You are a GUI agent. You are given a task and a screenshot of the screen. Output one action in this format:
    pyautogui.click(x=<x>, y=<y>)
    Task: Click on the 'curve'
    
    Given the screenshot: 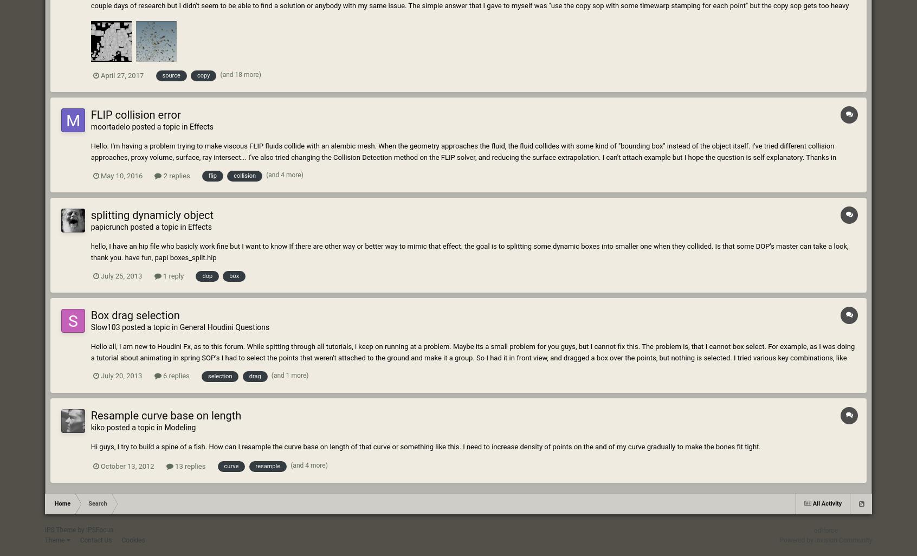 What is the action you would take?
    pyautogui.click(x=230, y=466)
    